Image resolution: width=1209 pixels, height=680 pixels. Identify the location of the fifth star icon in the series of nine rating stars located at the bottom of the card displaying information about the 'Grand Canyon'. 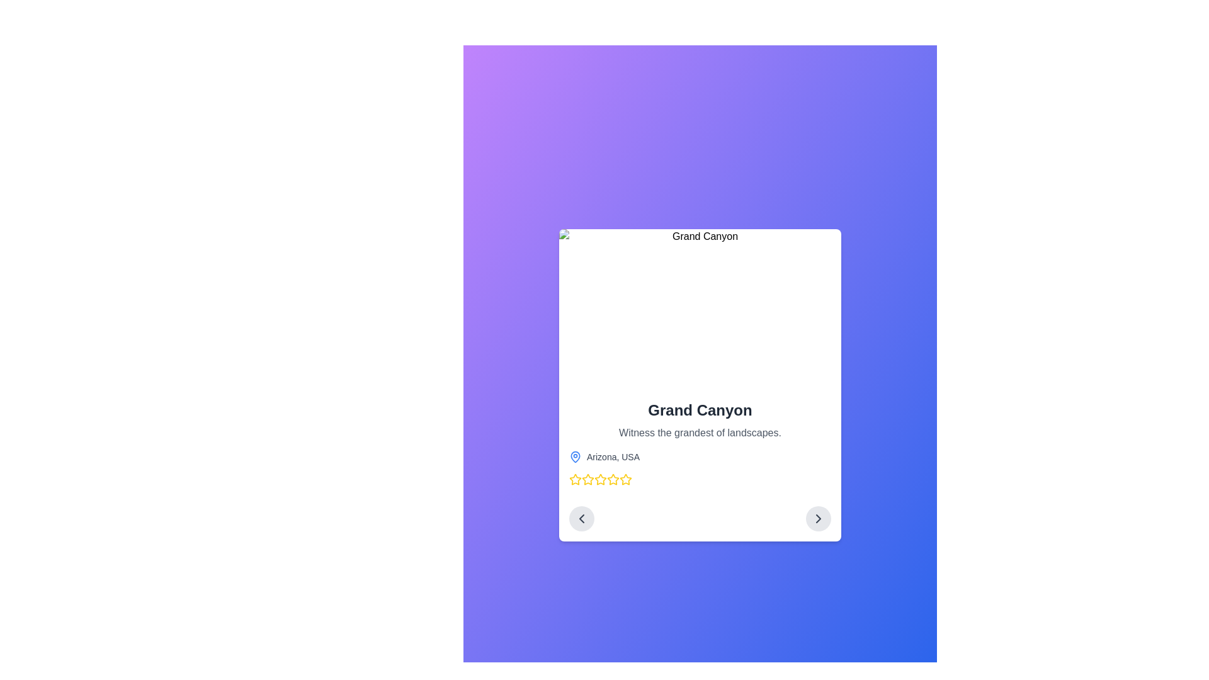
(625, 480).